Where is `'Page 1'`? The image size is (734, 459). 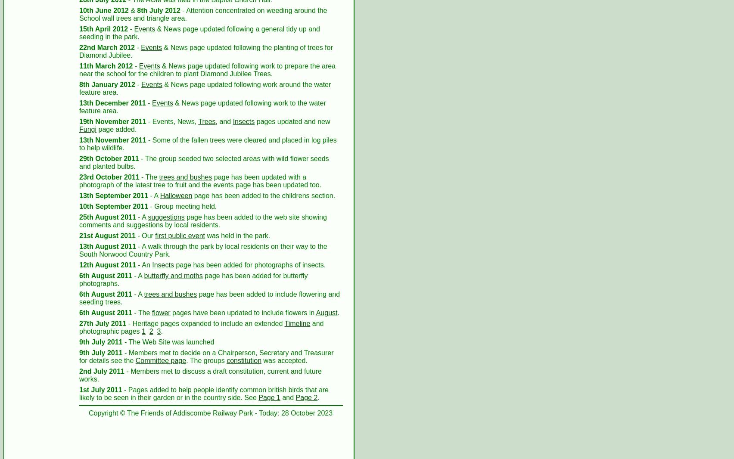 'Page 1' is located at coordinates (269, 397).